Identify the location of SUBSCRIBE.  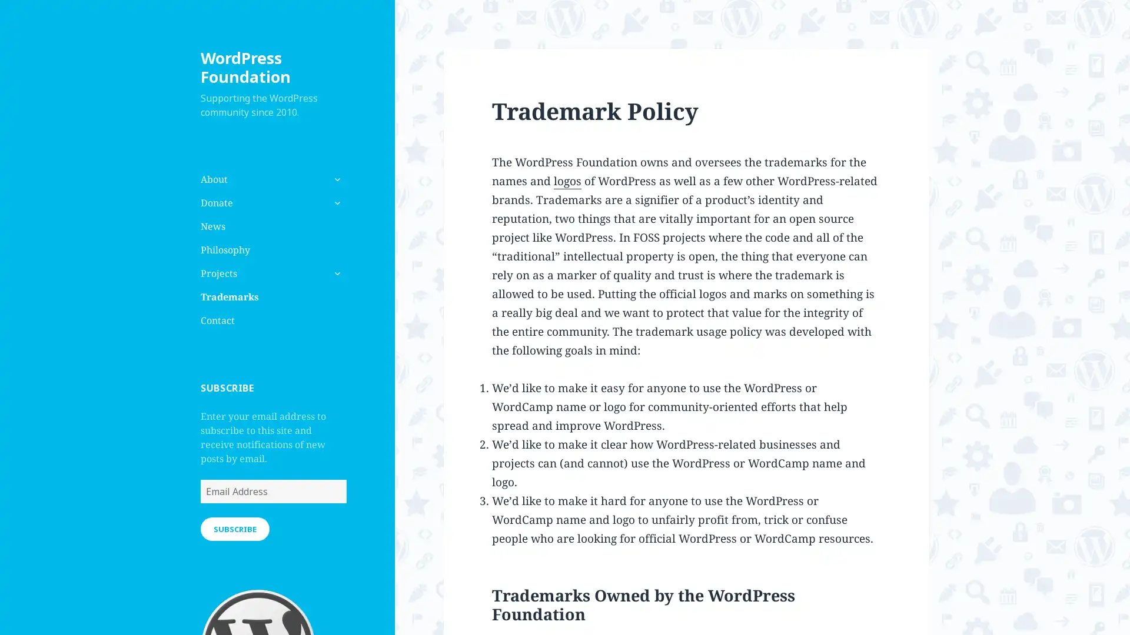
(234, 527).